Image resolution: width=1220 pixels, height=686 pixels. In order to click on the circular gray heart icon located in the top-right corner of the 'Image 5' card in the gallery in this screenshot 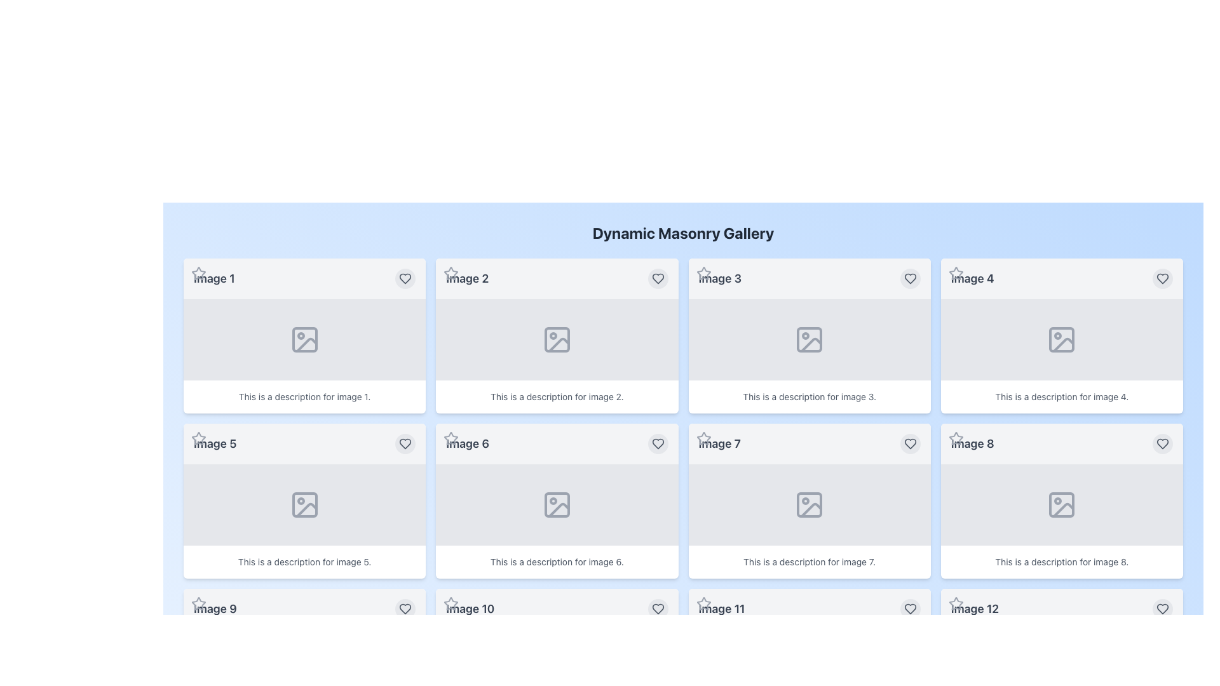, I will do `click(405, 443)`.